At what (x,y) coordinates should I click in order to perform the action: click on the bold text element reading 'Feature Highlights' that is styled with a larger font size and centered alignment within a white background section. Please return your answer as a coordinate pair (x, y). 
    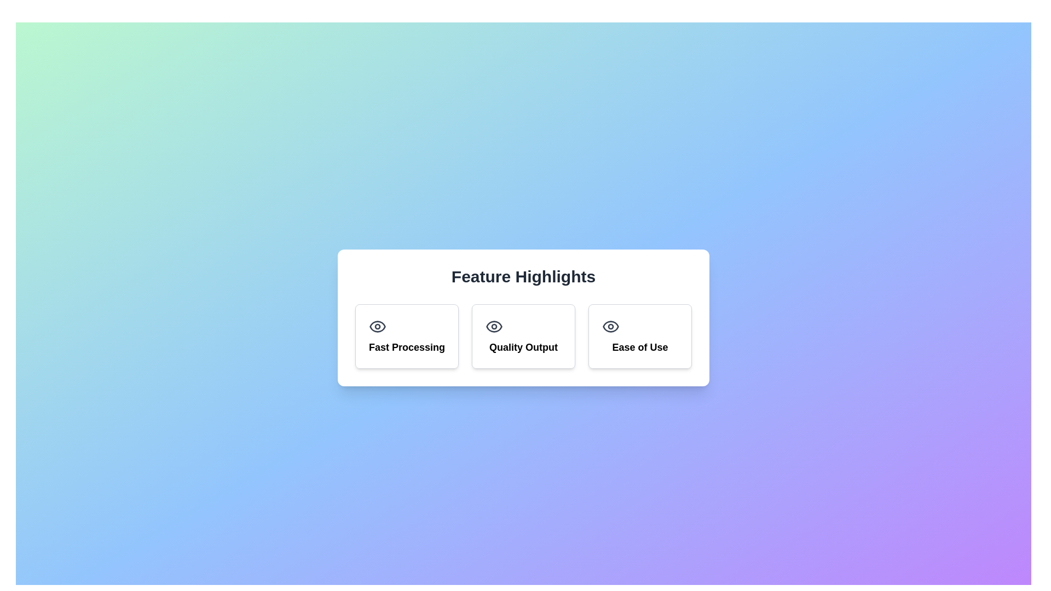
    Looking at the image, I should click on (523, 276).